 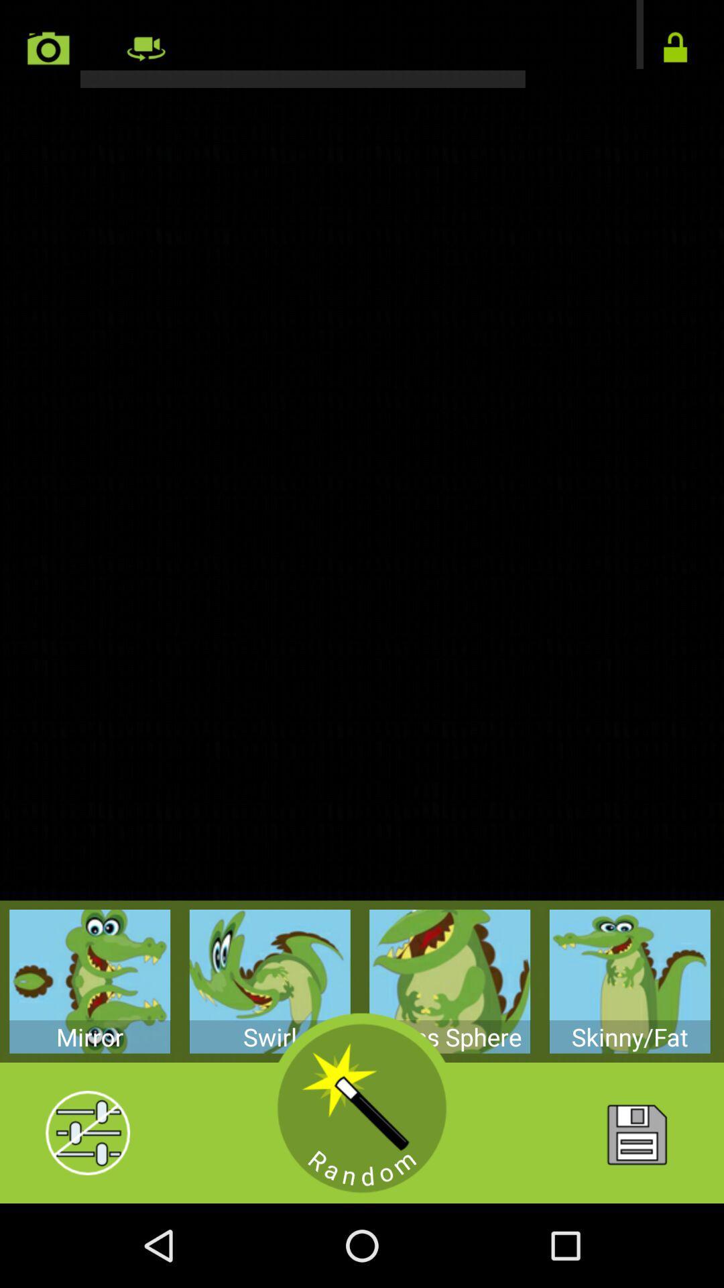 What do you see at coordinates (635, 1132) in the screenshot?
I see `save` at bounding box center [635, 1132].